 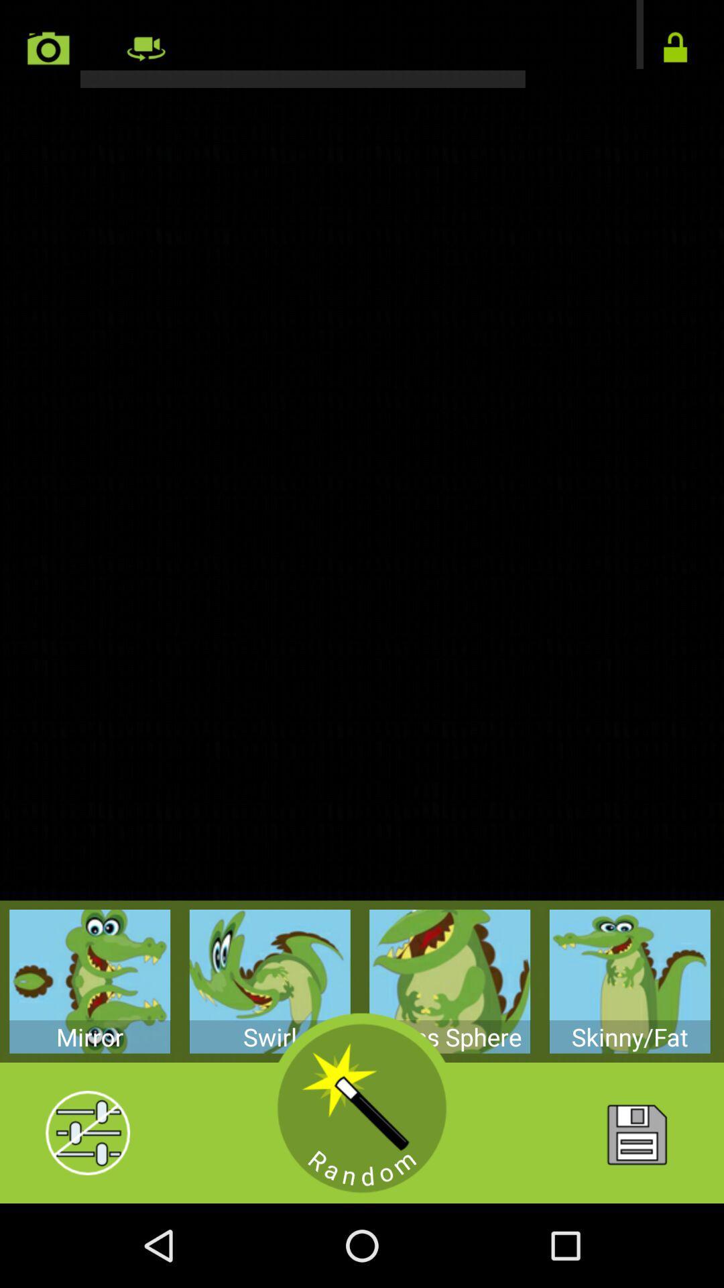 What do you see at coordinates (635, 1132) in the screenshot?
I see `save` at bounding box center [635, 1132].